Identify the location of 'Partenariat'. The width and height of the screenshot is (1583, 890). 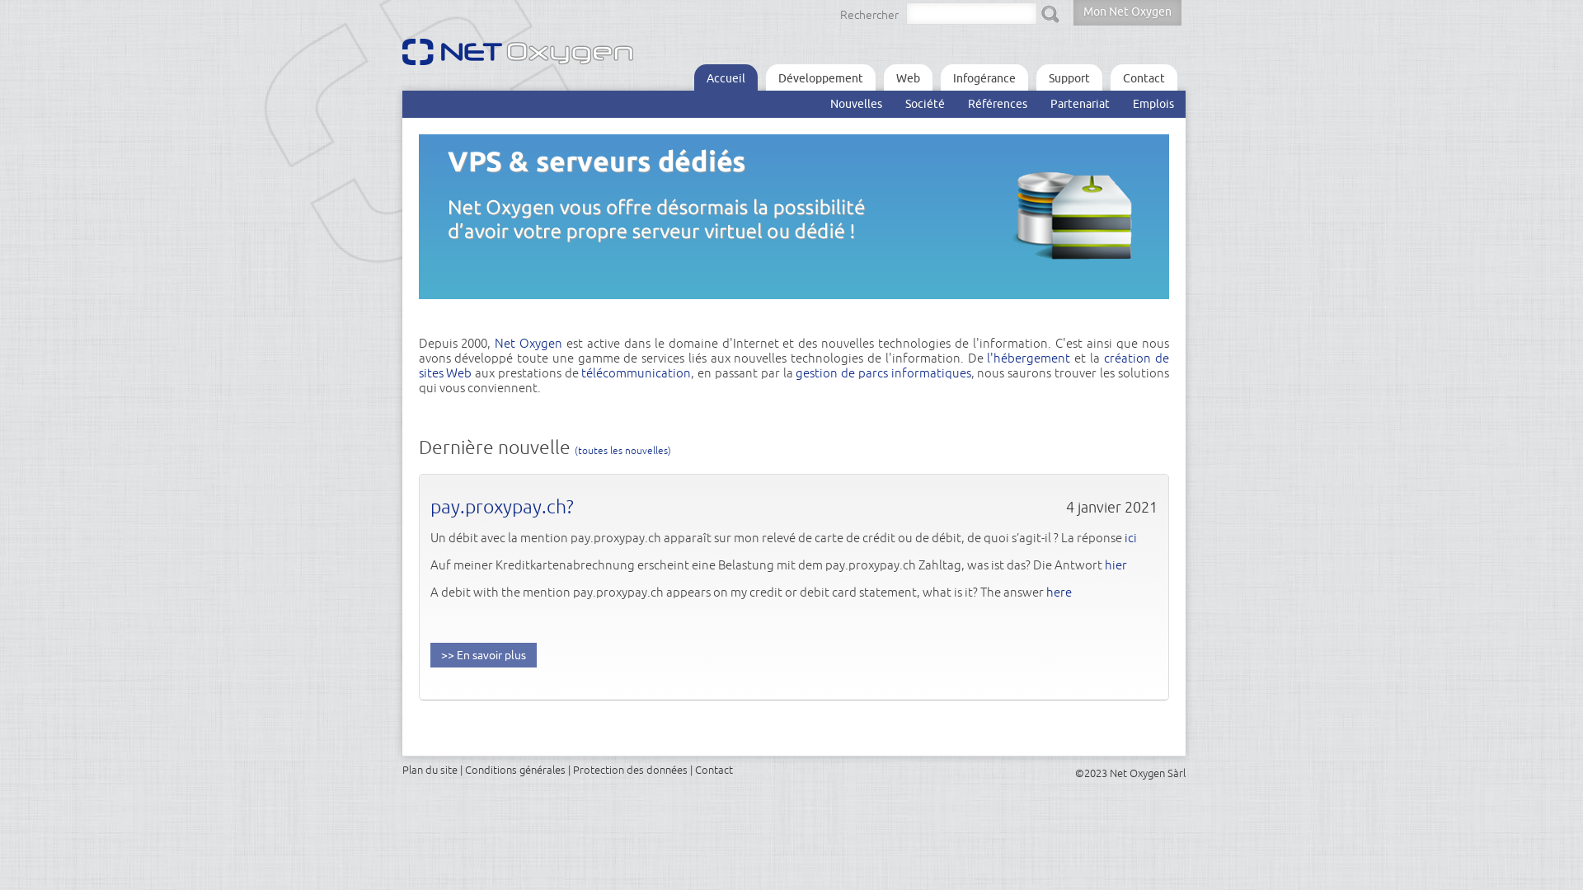
(1046, 104).